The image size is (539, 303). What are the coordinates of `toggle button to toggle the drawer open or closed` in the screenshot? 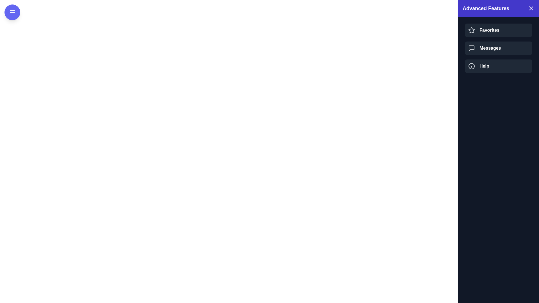 It's located at (12, 12).